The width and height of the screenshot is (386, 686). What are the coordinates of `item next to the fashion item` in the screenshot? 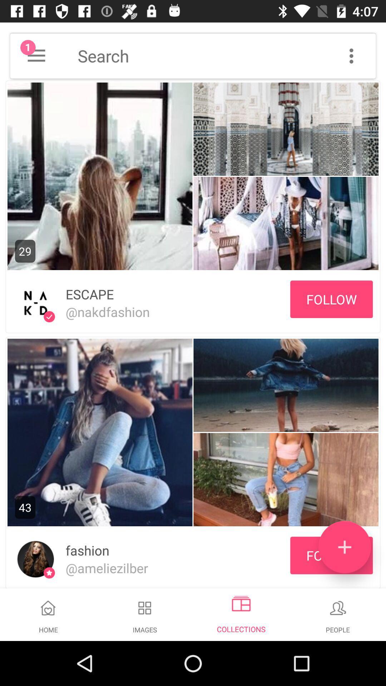 It's located at (344, 547).